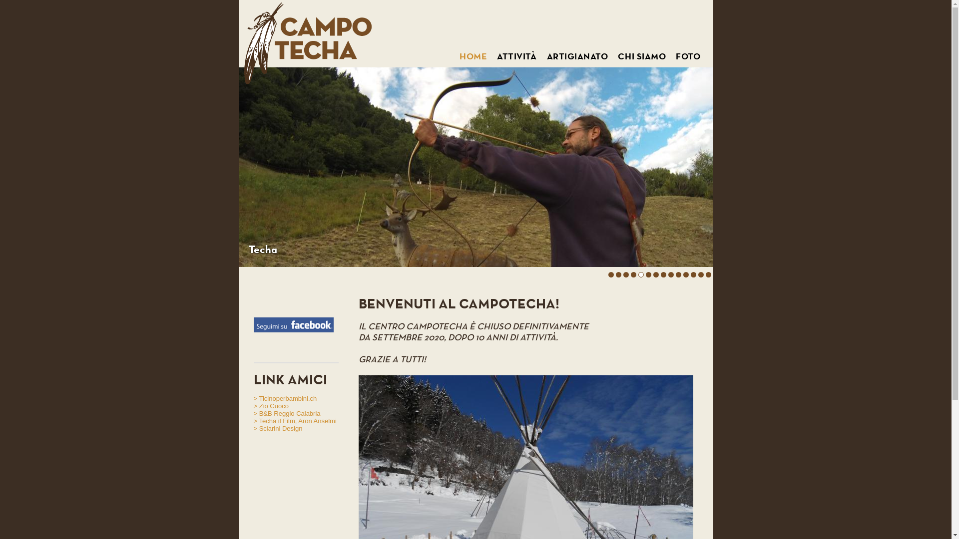  What do you see at coordinates (610, 276) in the screenshot?
I see `'1'` at bounding box center [610, 276].